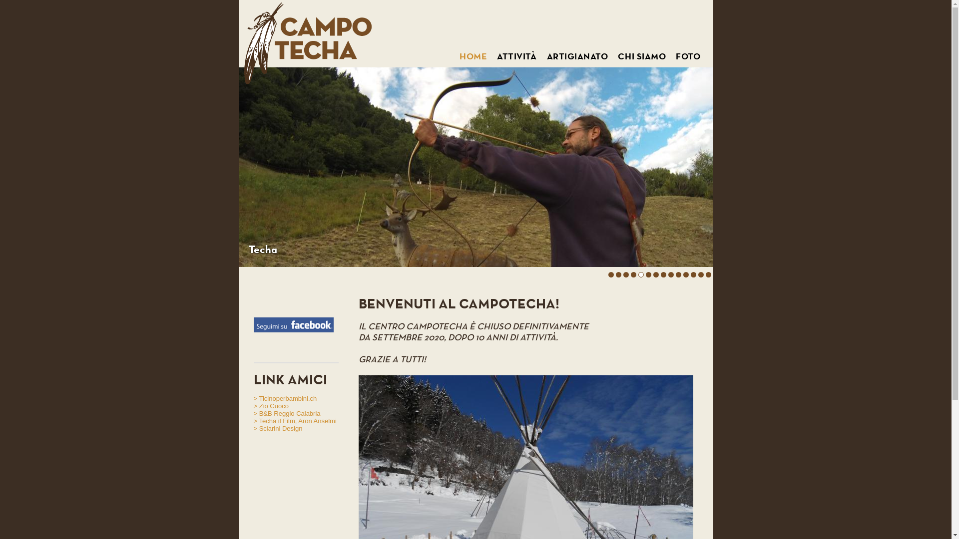  What do you see at coordinates (610, 276) in the screenshot?
I see `'1'` at bounding box center [610, 276].